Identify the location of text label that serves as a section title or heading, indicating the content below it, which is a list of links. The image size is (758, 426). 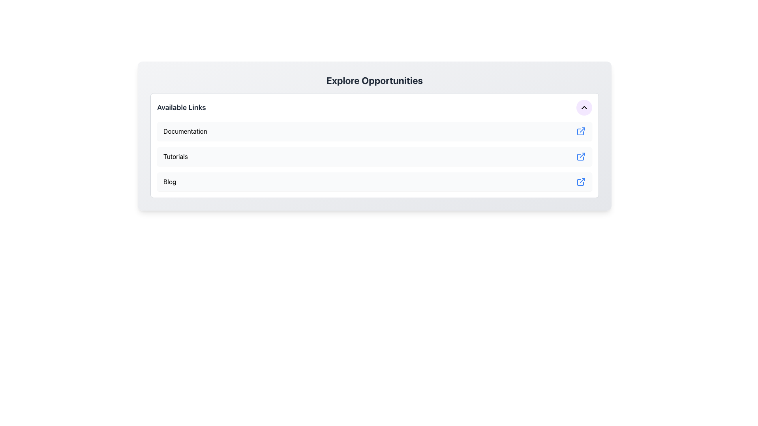
(181, 108).